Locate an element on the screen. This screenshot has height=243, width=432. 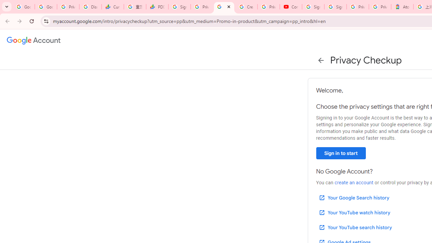
'Sign in to start' is located at coordinates (341, 153).